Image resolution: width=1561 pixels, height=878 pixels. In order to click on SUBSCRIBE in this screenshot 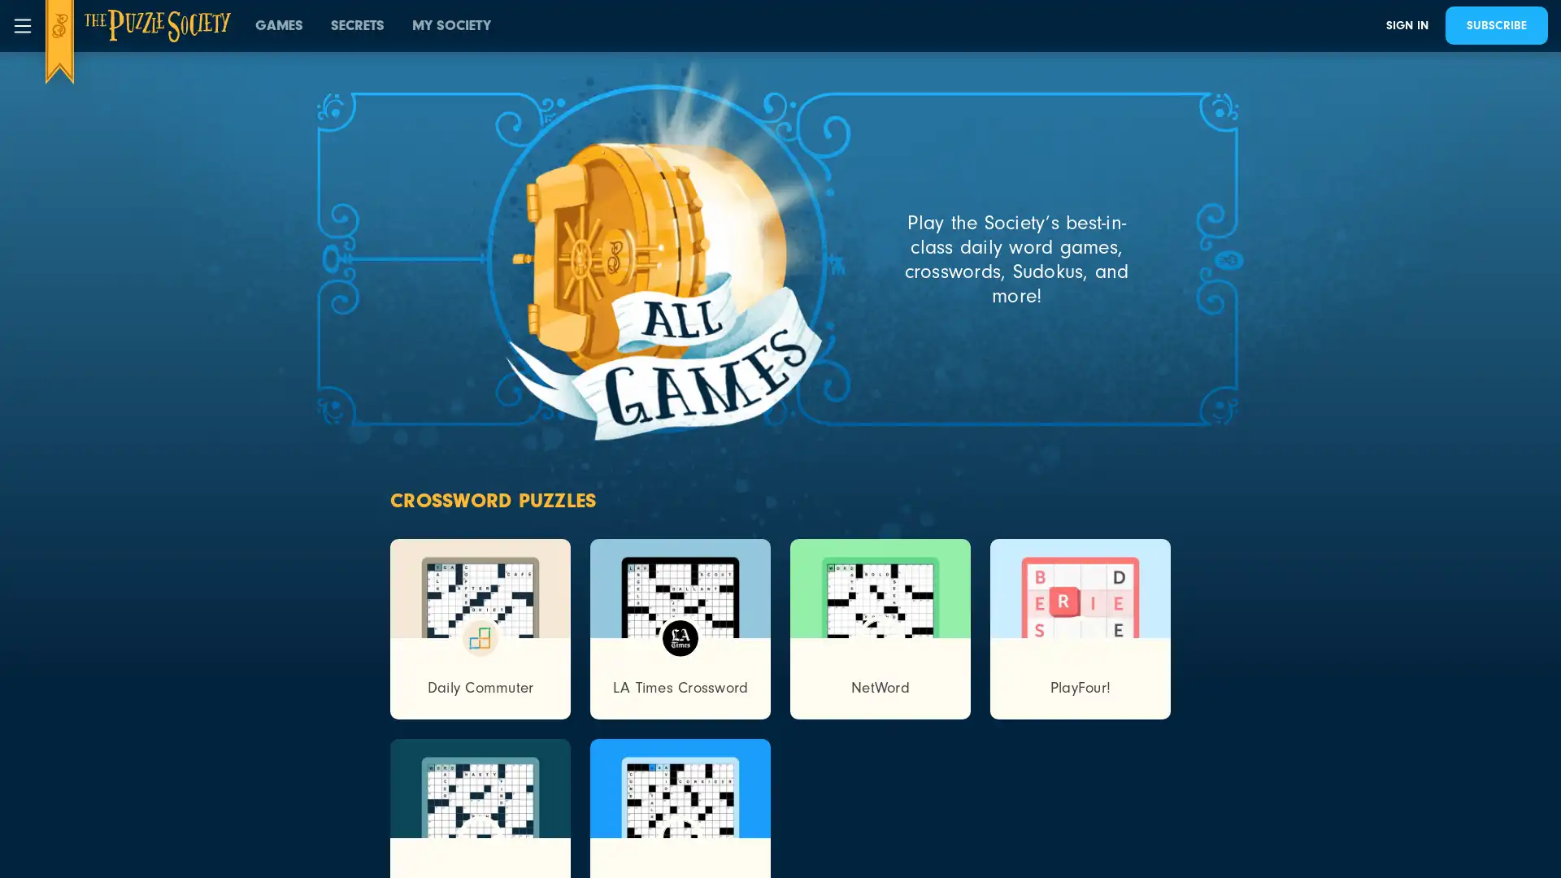, I will do `click(1496, 25)`.